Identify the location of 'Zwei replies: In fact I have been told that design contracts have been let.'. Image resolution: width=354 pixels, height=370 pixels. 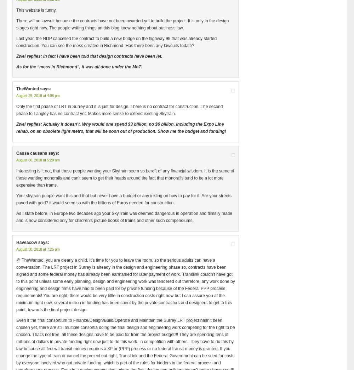
(89, 56).